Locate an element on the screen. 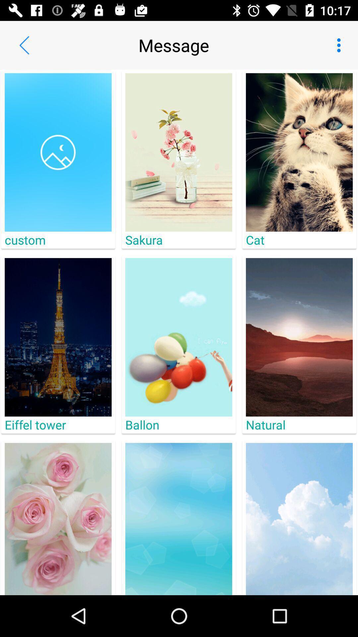 The height and width of the screenshot is (637, 358). the item to the left of message icon is located at coordinates (24, 45).